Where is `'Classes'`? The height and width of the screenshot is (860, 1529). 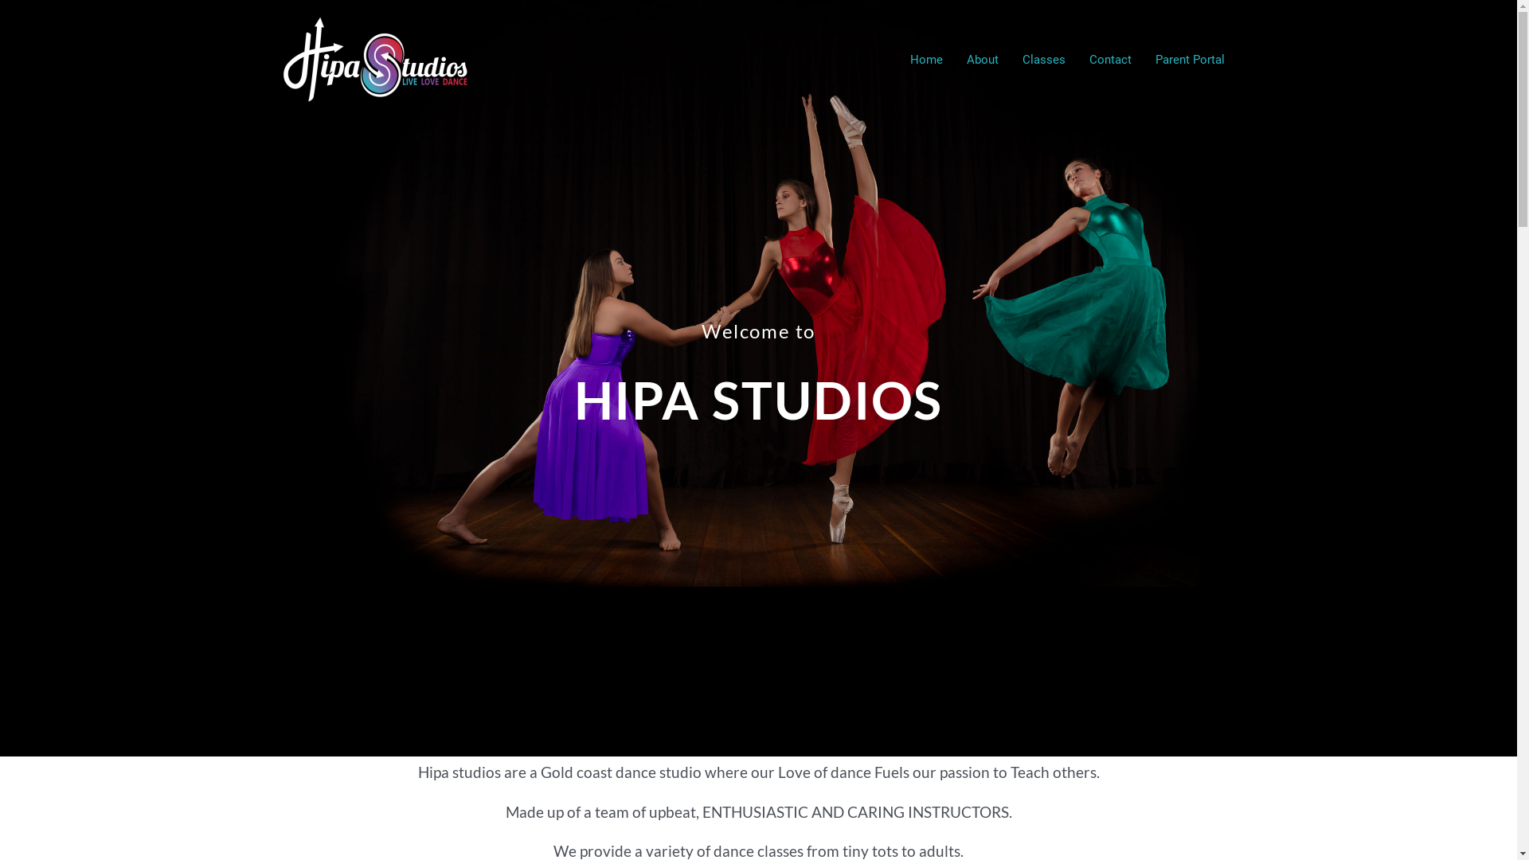 'Classes' is located at coordinates (1043, 58).